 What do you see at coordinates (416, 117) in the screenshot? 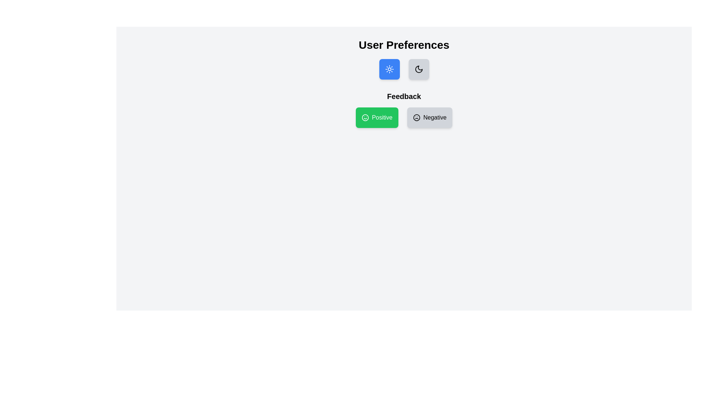
I see `the negative feedback icon, which is located within the Negative feedback button and is visually styled as a rounded rectangle, positioned to the right of the Positive button` at bounding box center [416, 117].